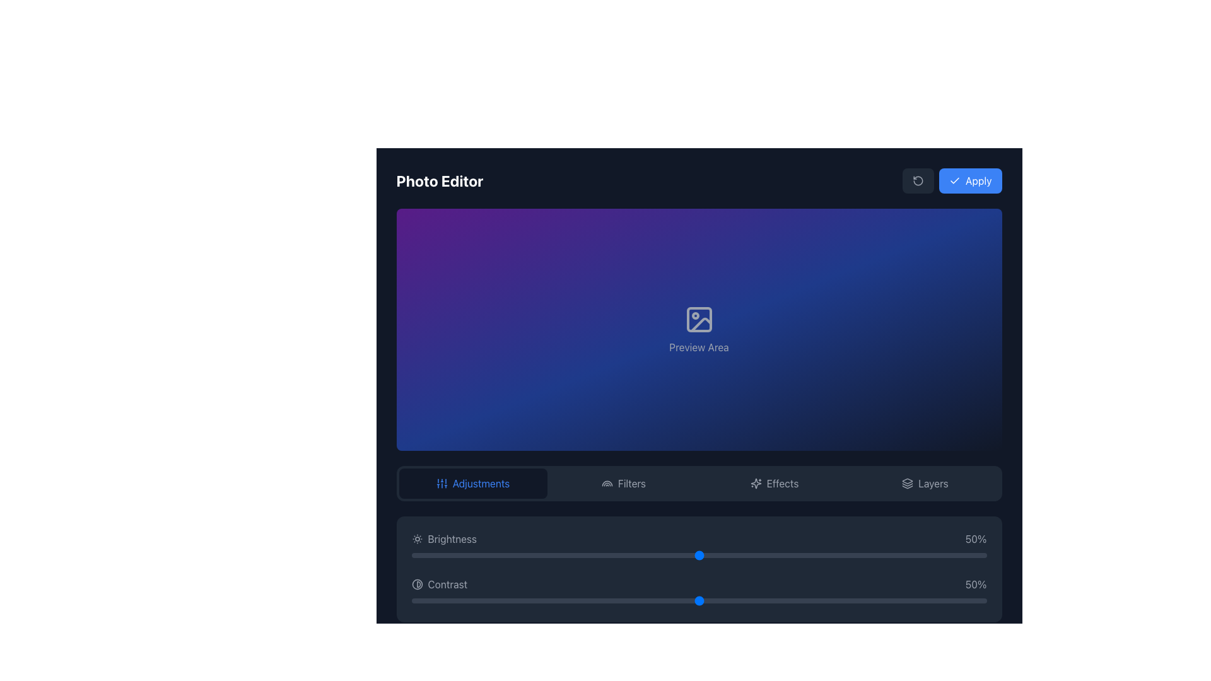 The height and width of the screenshot is (681, 1211). Describe the element at coordinates (623, 483) in the screenshot. I see `the 'Filters' button located` at that location.